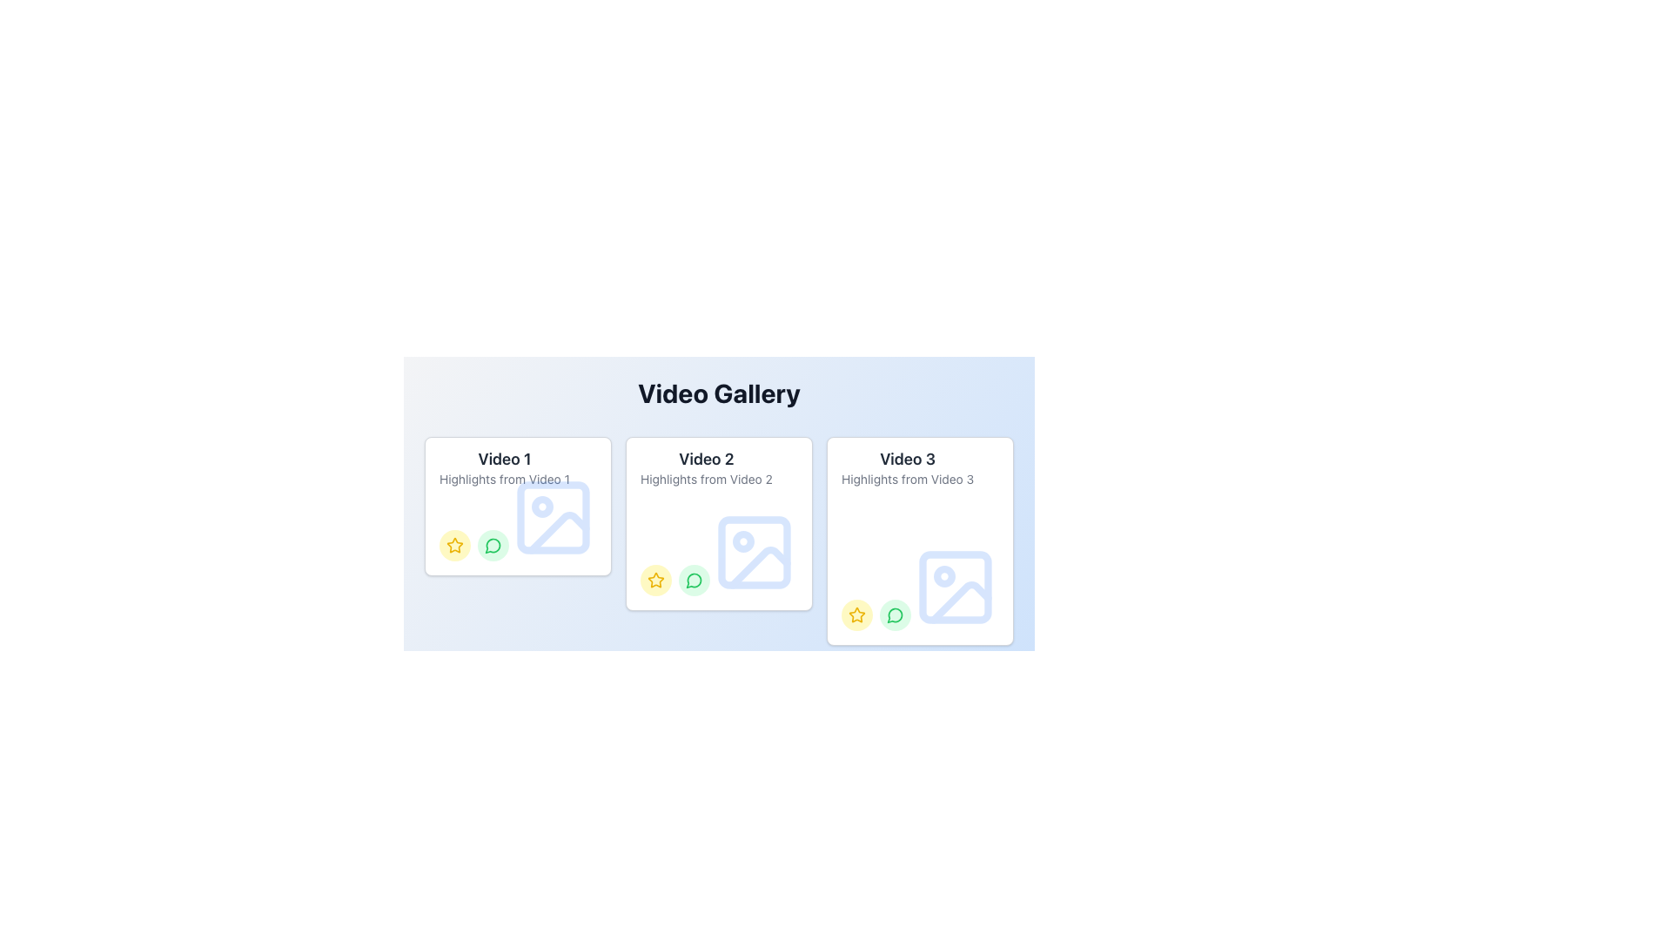  Describe the element at coordinates (719, 393) in the screenshot. I see `the 'Video Gallery' static text header, which is prominently displayed in bold and large font at the top center of the section, contrasting against a lighter background` at that location.